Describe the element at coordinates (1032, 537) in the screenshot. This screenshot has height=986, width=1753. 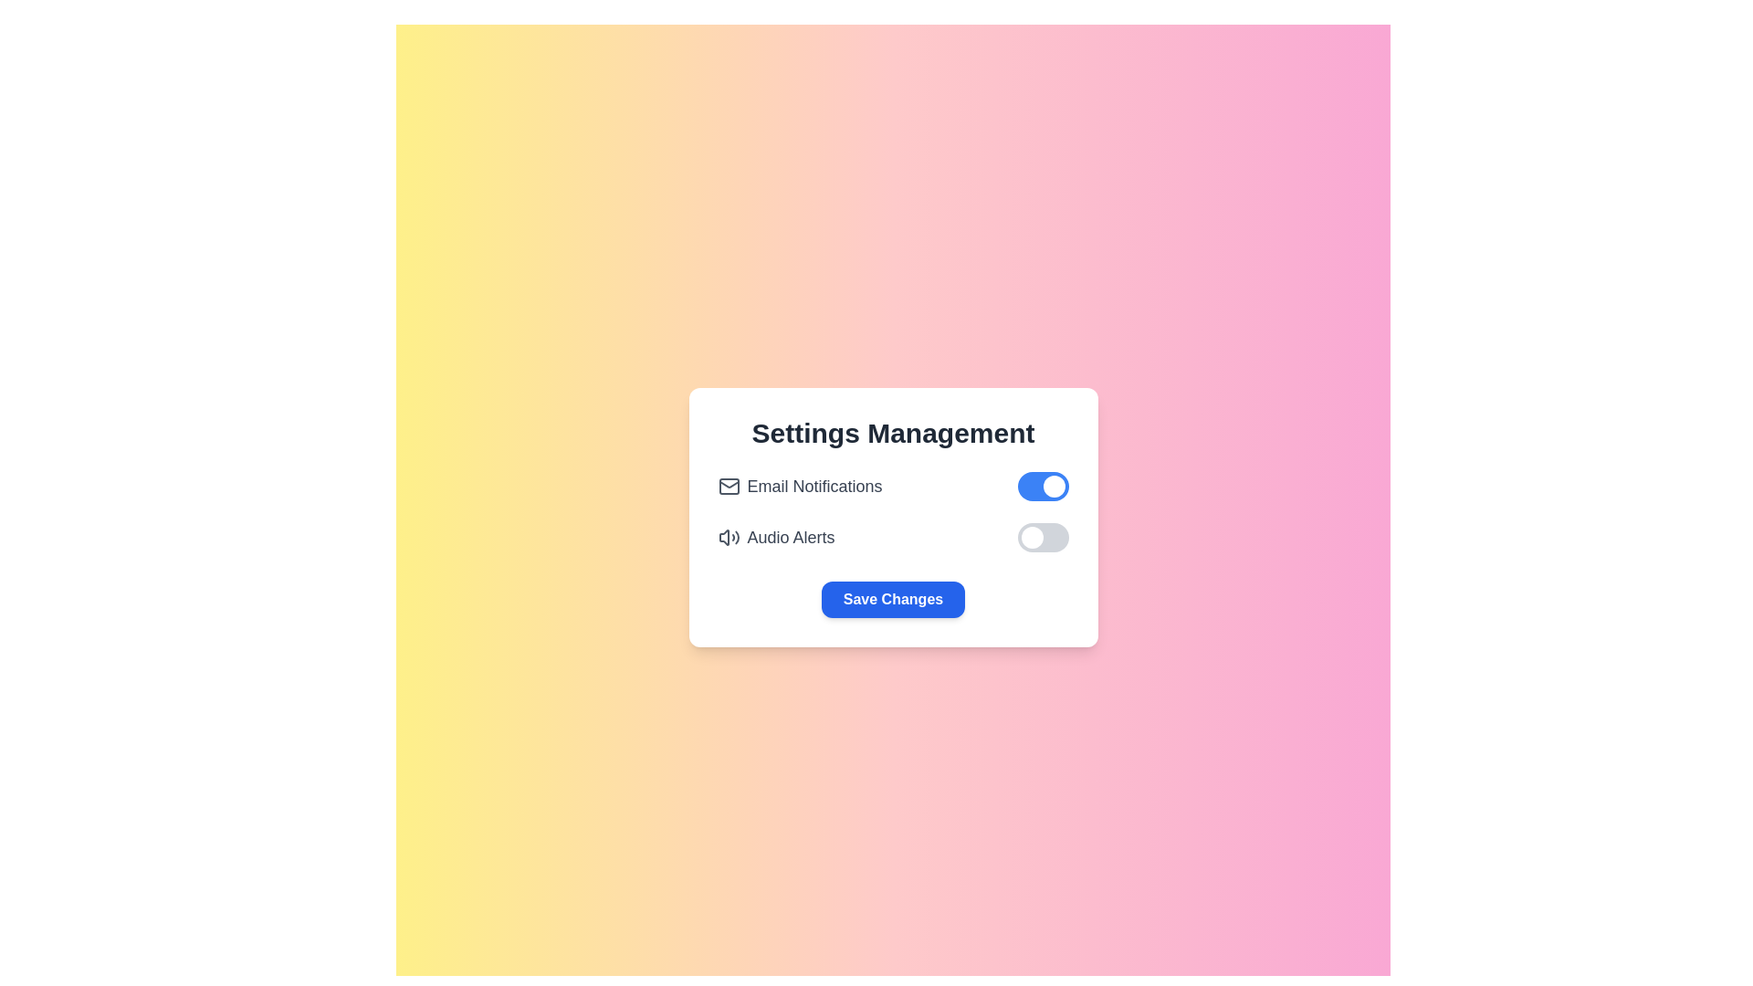
I see `the small circular toggle knob on the 'Audio Alerts' toggle switch from the leftmost position` at that location.